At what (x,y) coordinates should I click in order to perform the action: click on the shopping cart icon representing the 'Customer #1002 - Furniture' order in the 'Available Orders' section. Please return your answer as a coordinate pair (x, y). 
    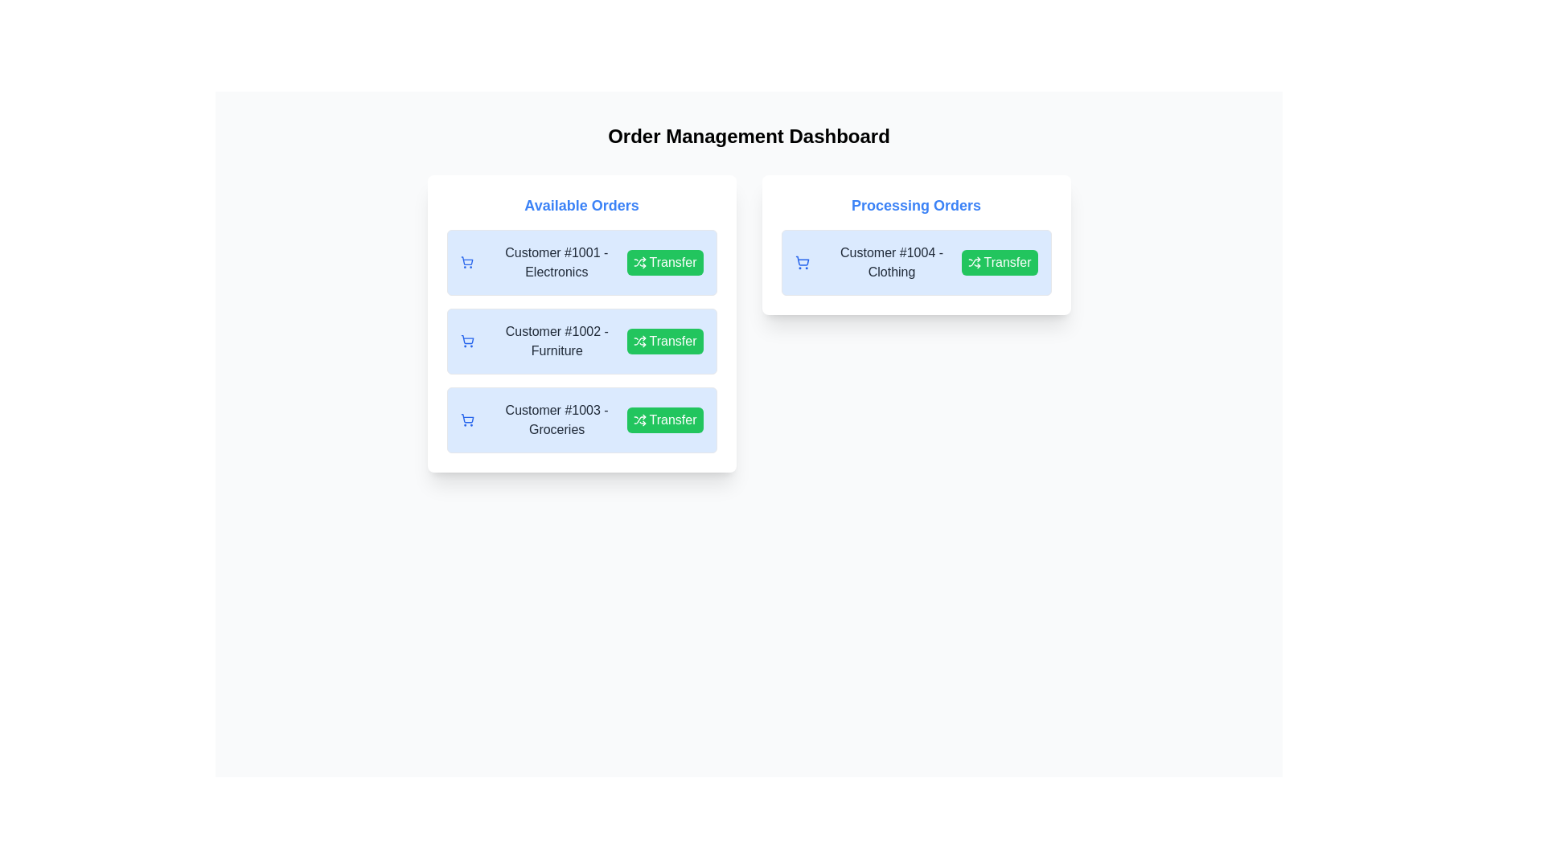
    Looking at the image, I should click on (466, 340).